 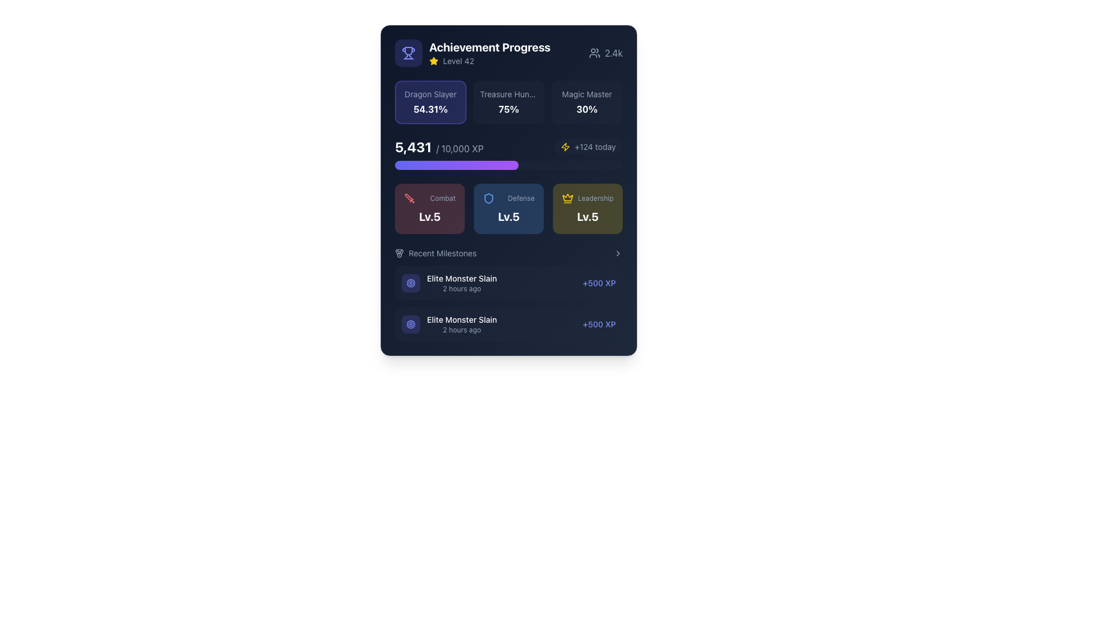 I want to click on the progress bar that is horizontally centered and located directly below the text '5,431 / 10,000 XP +124 today', which features a rounded design filled with a gradient from indigo to purple, so click(x=508, y=165).